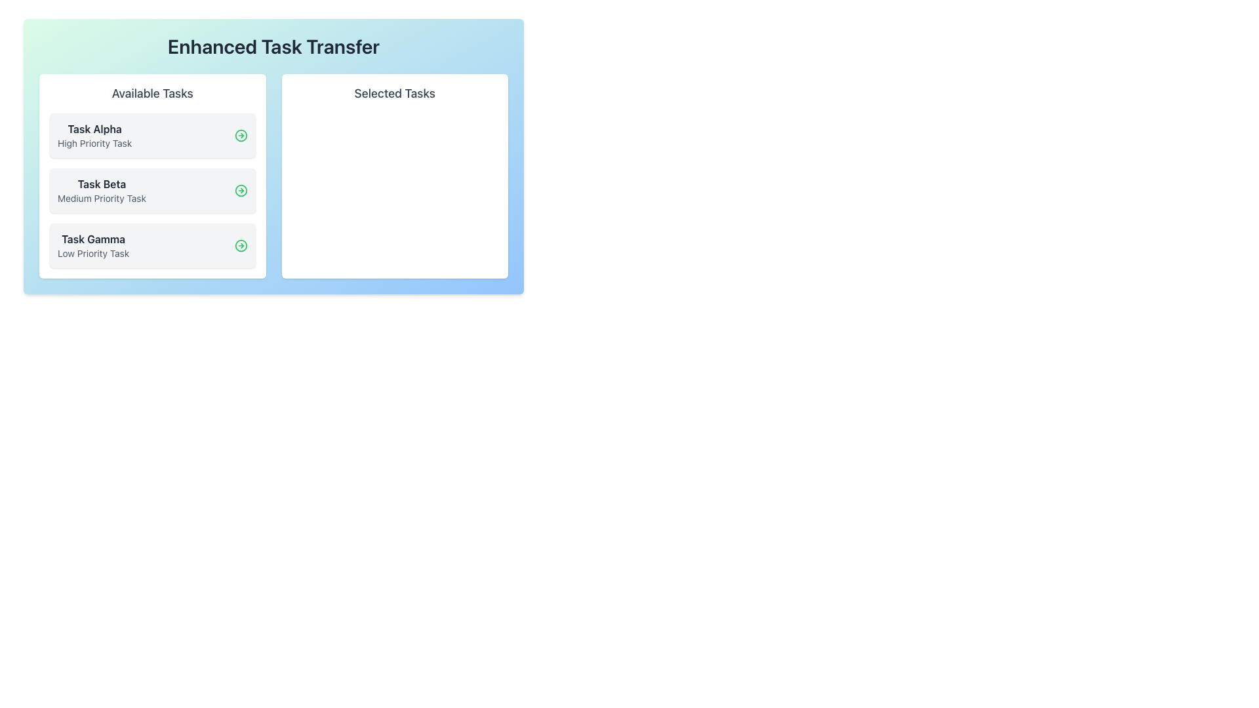 This screenshot has width=1259, height=708. Describe the element at coordinates (152, 136) in the screenshot. I see `the first task item labeled with its name and priority level from the 'Available Tasks' section` at that location.